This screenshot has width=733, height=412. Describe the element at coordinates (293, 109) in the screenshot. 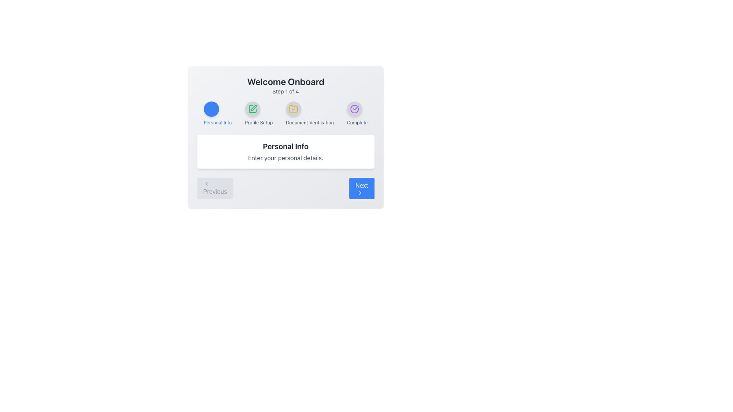

I see `the Circular Icon Button indicating 'Document Verification' in the onboarding process, which is the third icon in a horizontal sequence under 'Step 1 of 4'` at that location.